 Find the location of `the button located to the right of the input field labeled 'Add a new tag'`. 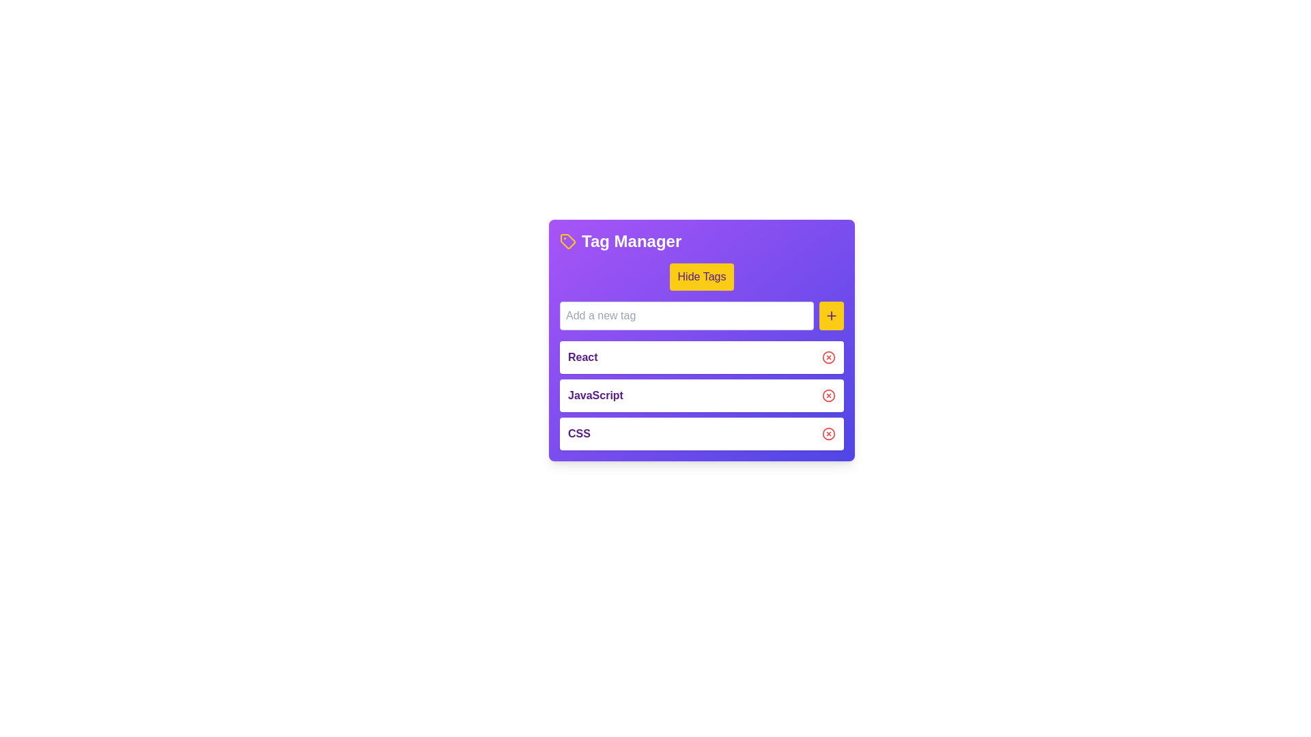

the button located to the right of the input field labeled 'Add a new tag' is located at coordinates (831, 315).